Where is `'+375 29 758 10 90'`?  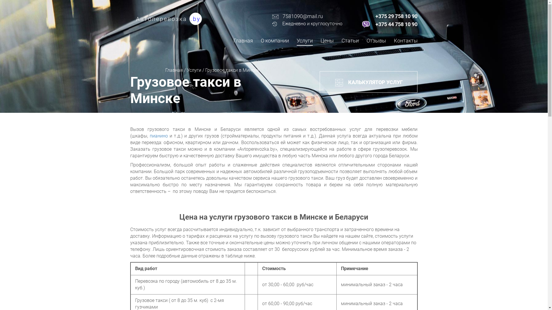
'+375 29 758 10 90' is located at coordinates (396, 16).